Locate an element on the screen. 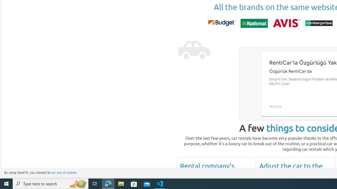  'Budget' is located at coordinates (221, 23).